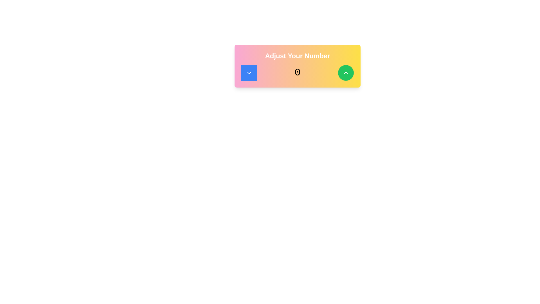  I want to click on the text display showing the number '0' in a large, stylized font, which is centrally located within a gradient background transitioning from pink to yellow, so click(297, 72).